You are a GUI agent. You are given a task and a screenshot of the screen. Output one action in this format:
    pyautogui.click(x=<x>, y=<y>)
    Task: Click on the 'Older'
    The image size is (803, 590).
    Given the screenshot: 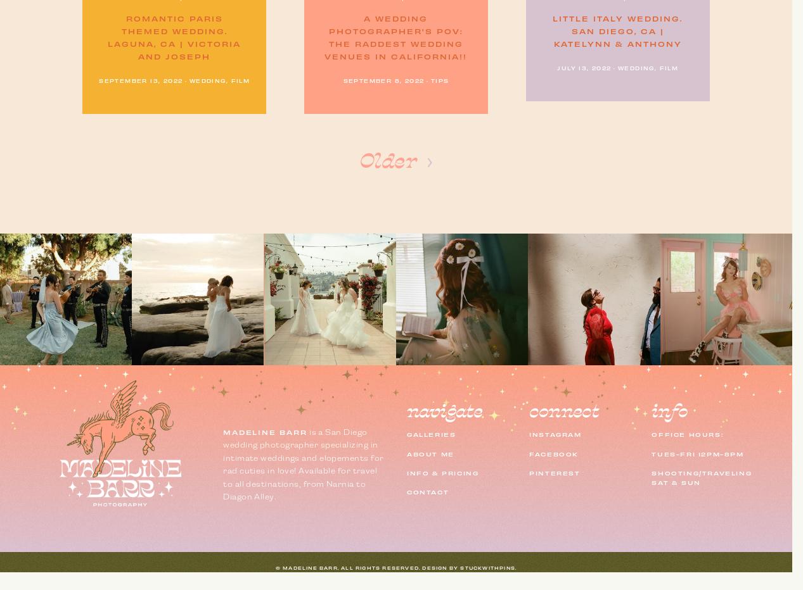 What is the action you would take?
    pyautogui.click(x=387, y=161)
    